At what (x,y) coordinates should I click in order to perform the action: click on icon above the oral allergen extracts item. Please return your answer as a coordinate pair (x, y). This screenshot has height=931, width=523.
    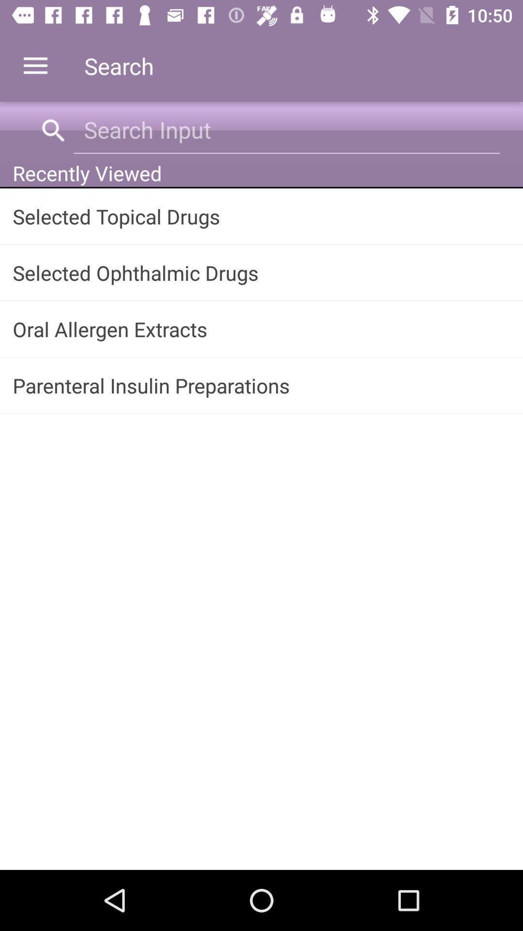
    Looking at the image, I should click on (261, 272).